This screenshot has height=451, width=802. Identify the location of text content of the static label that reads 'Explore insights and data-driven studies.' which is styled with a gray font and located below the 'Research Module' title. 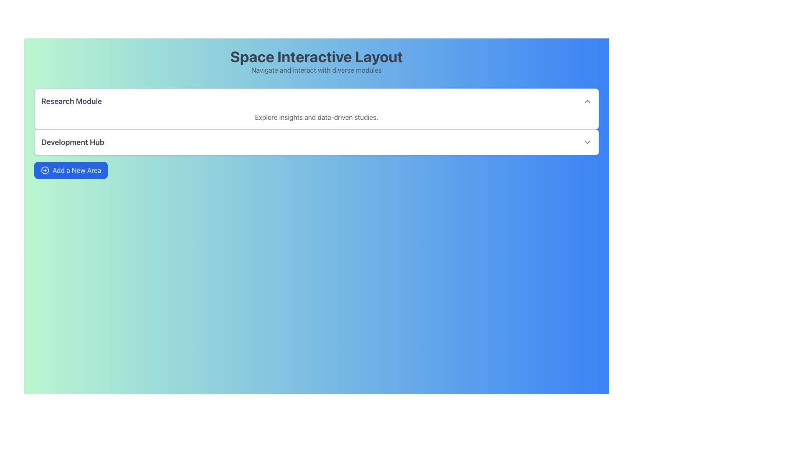
(316, 117).